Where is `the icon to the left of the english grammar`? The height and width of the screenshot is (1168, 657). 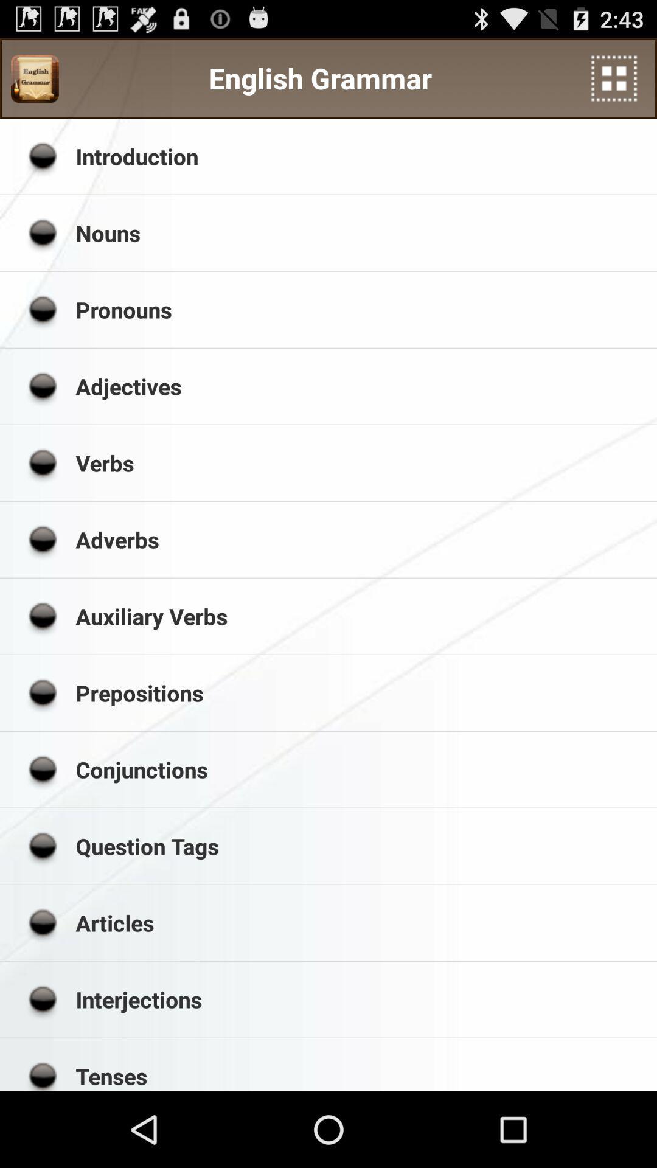 the icon to the left of the english grammar is located at coordinates (34, 78).